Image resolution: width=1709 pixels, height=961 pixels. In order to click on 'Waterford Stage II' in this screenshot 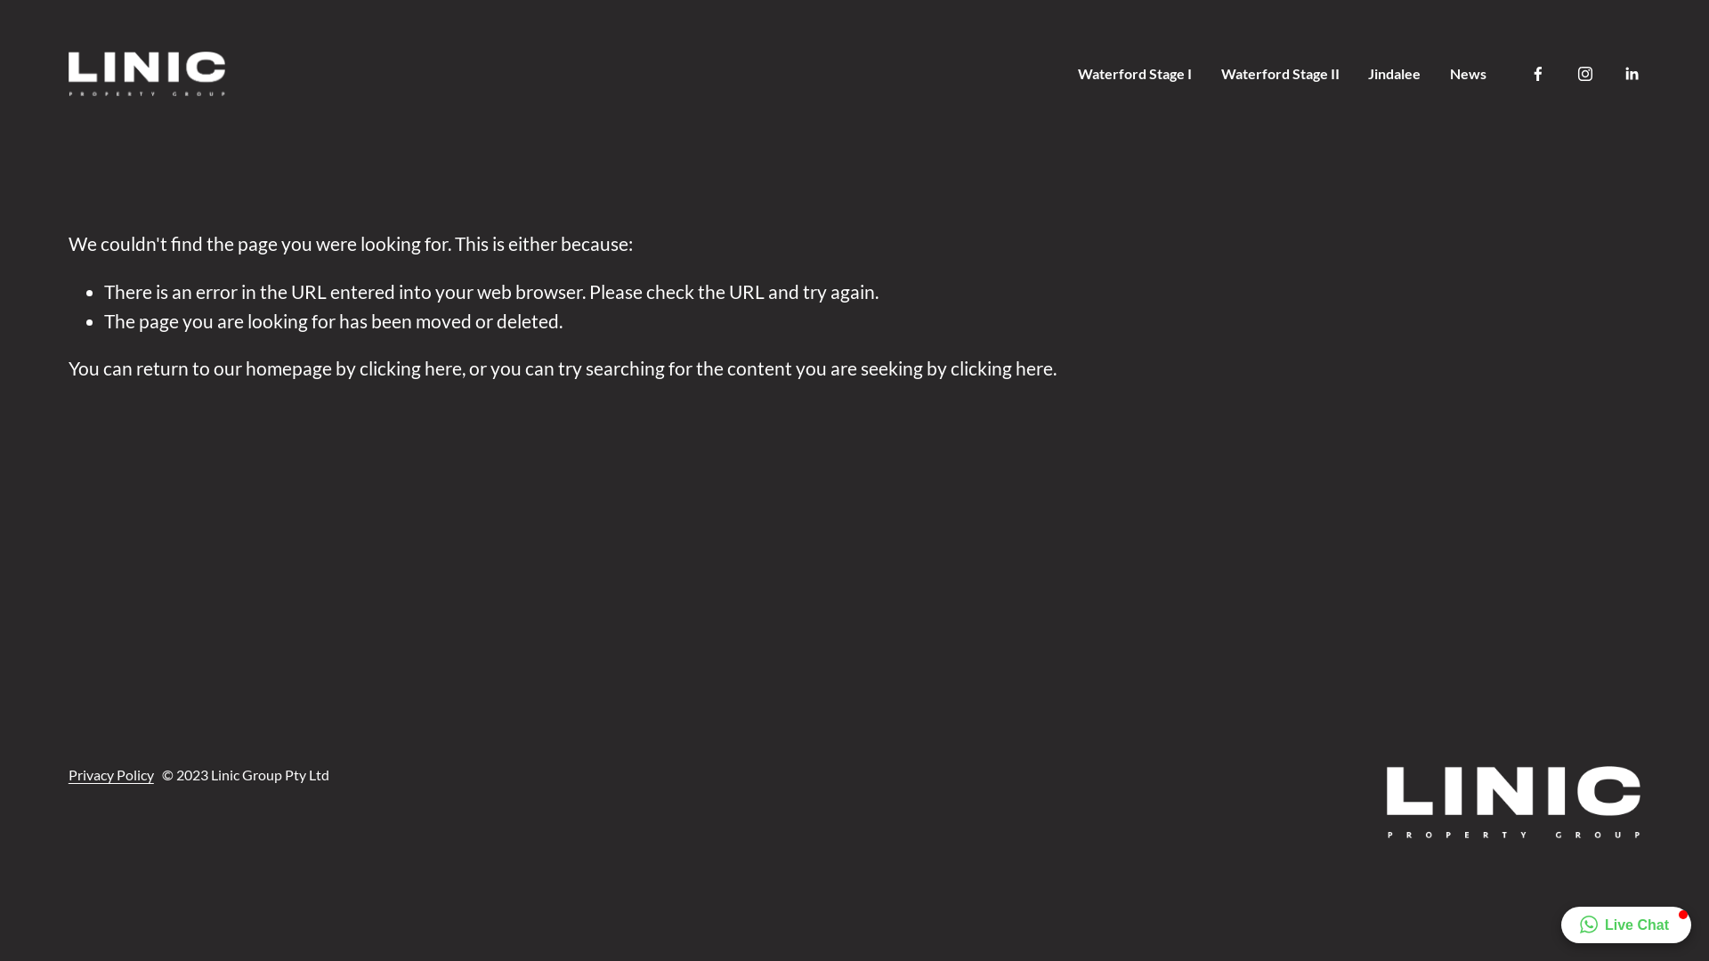, I will do `click(1279, 72)`.